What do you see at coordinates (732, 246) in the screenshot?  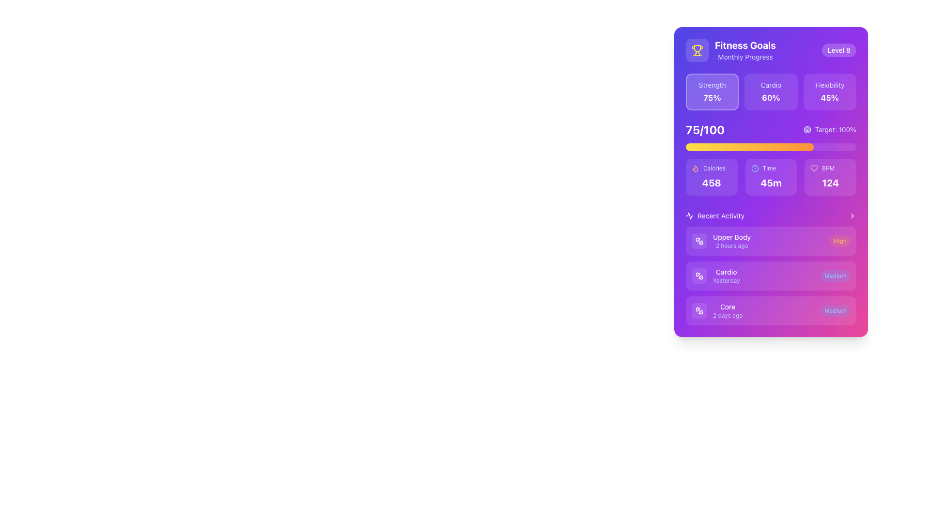 I see `text label stating '2 hours ago', which is styled in indigo-blue and positioned below the 'Upper Body' label in the 'Recent Activity' section` at bounding box center [732, 246].